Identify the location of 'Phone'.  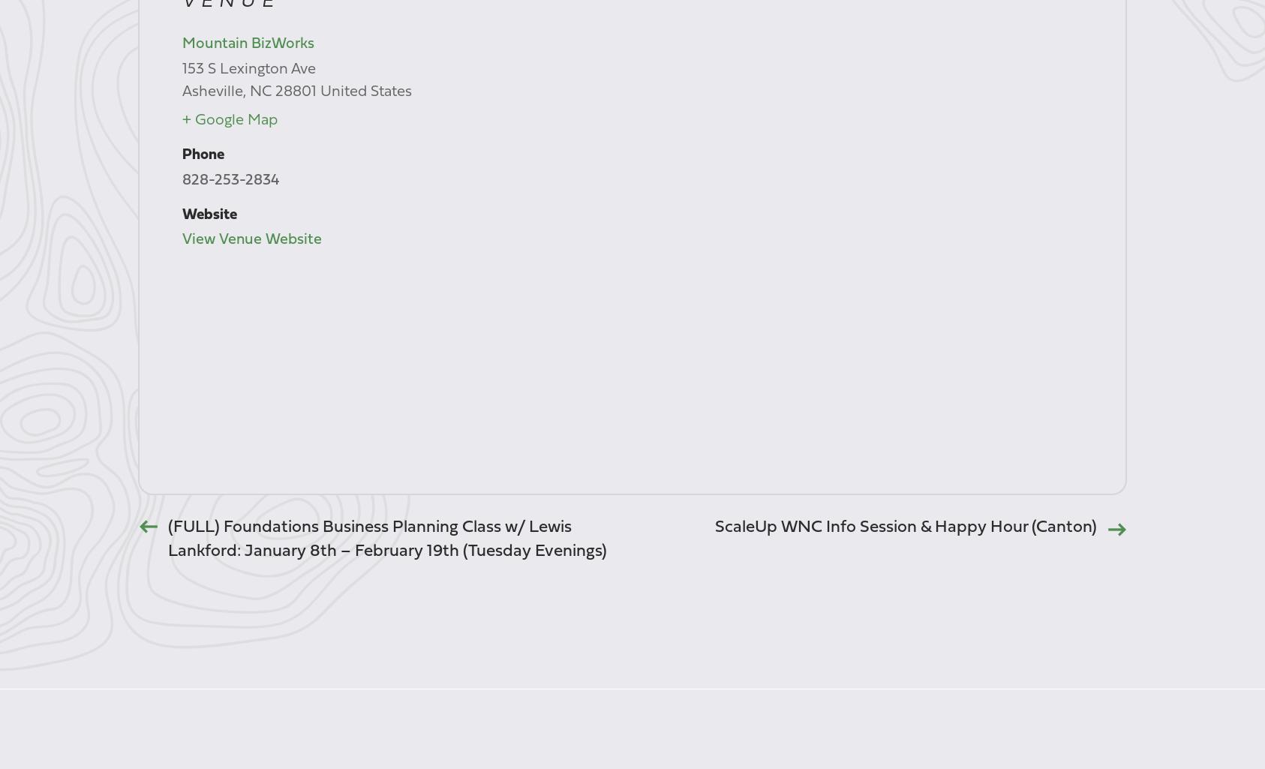
(202, 155).